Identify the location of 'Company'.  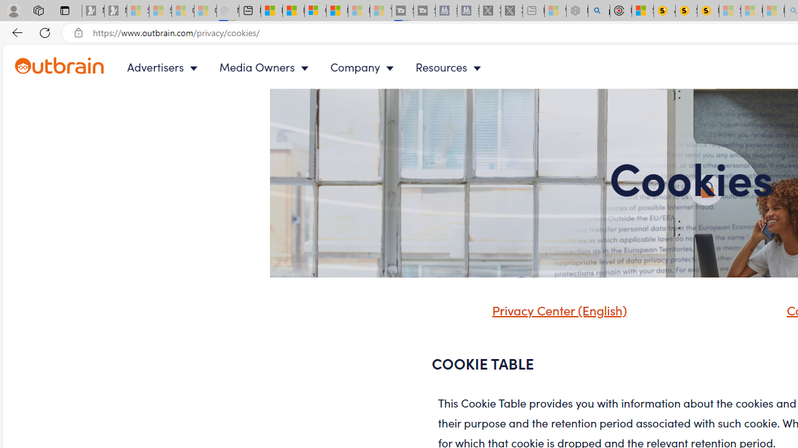
(364, 67).